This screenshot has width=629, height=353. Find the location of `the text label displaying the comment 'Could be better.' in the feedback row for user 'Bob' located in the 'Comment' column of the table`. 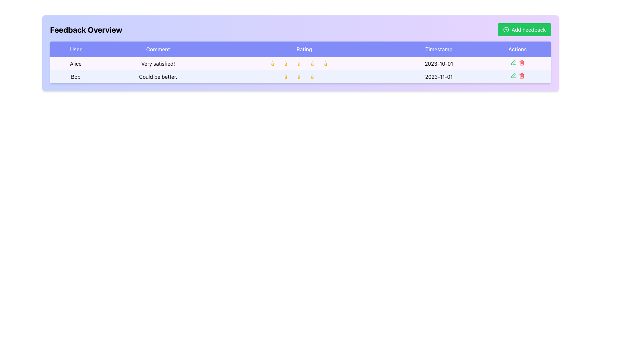

the text label displaying the comment 'Could be better.' in the feedback row for user 'Bob' located in the 'Comment' column of the table is located at coordinates (158, 76).